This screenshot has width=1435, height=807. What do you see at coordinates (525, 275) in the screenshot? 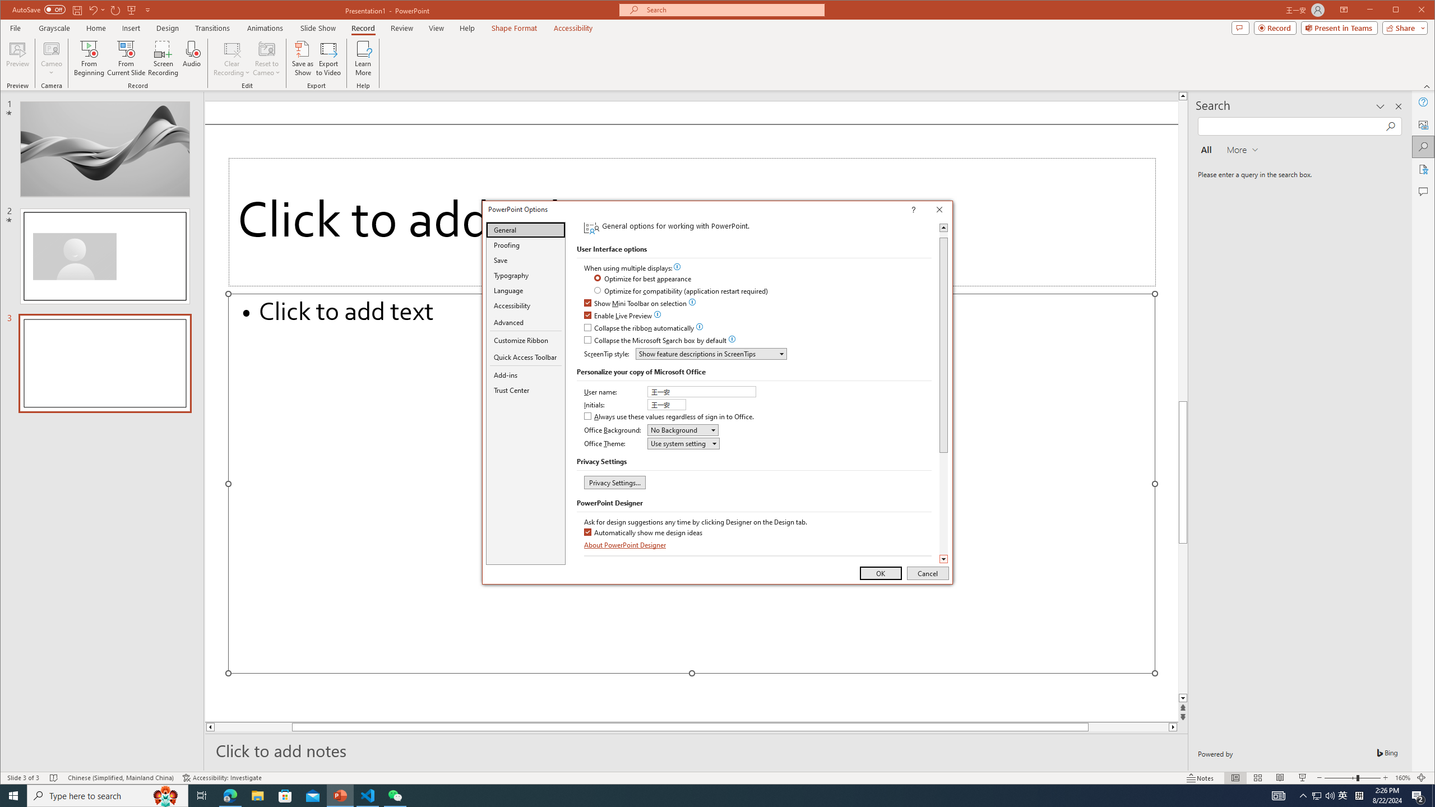
I see `'Typography'` at bounding box center [525, 275].